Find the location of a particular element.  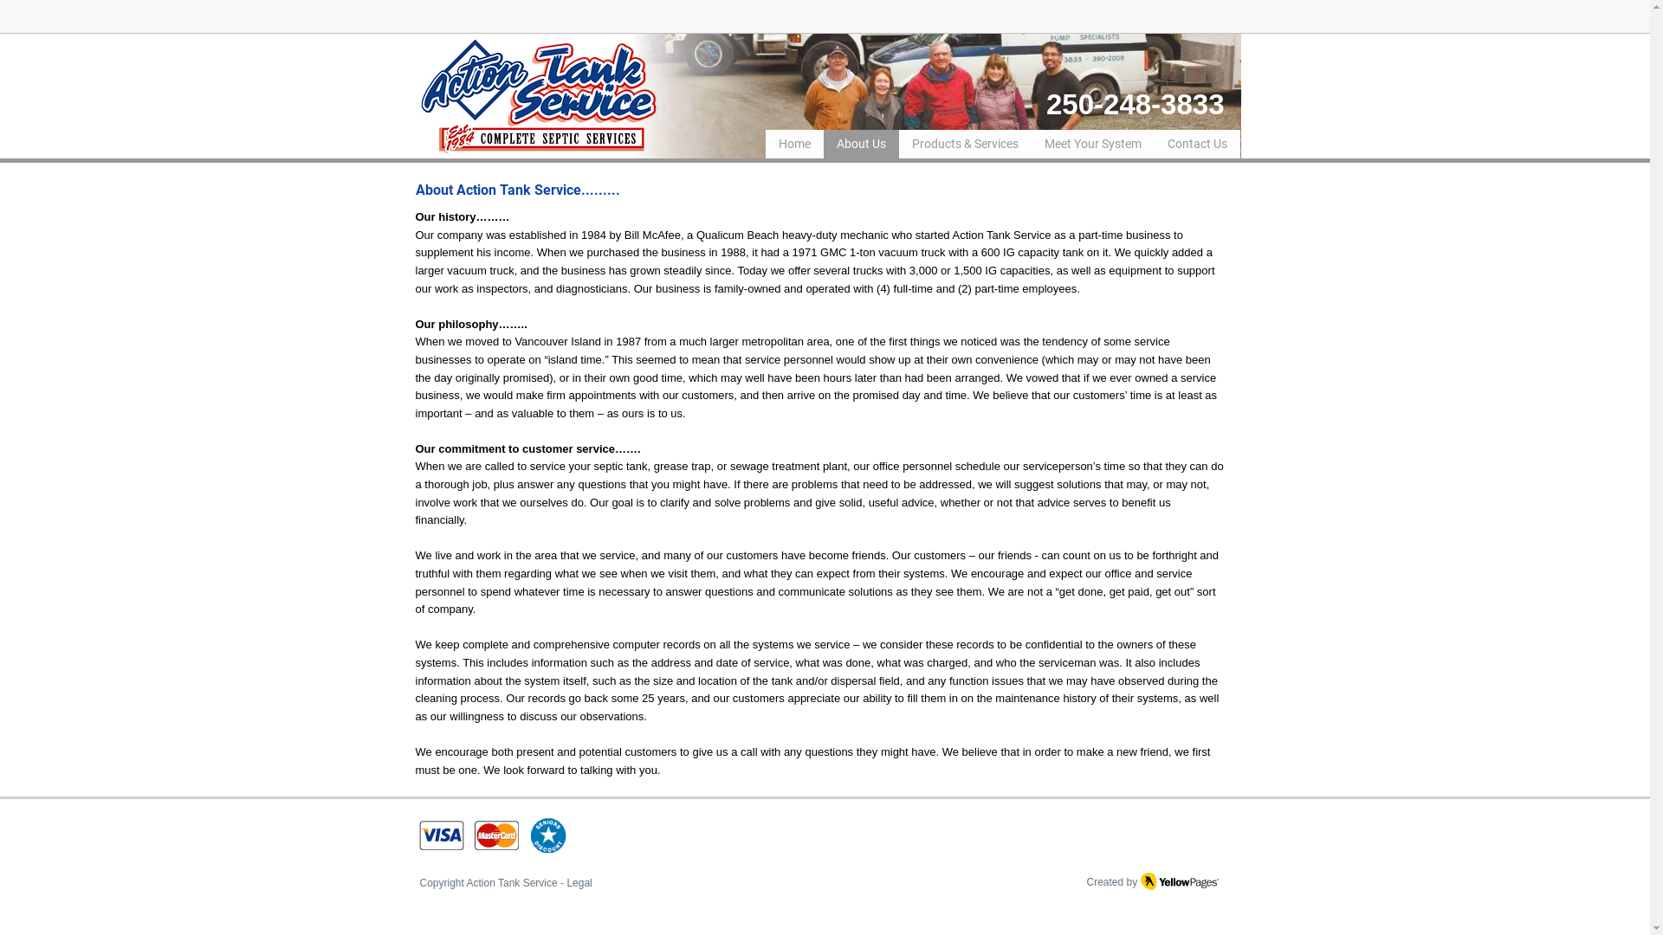

'Legal' is located at coordinates (579, 882).